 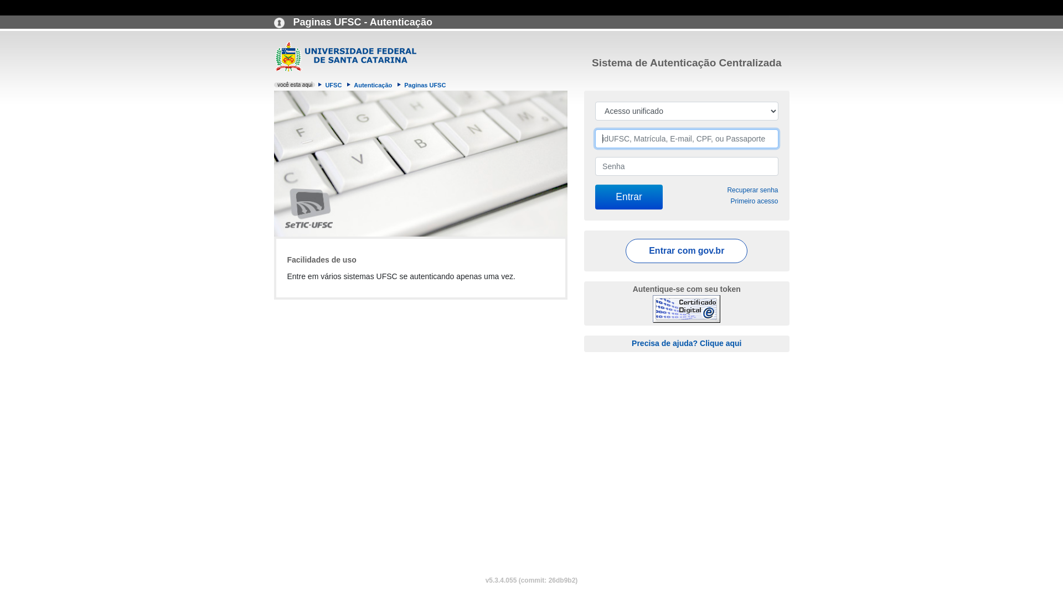 I want to click on 'UFSC', so click(x=323, y=85).